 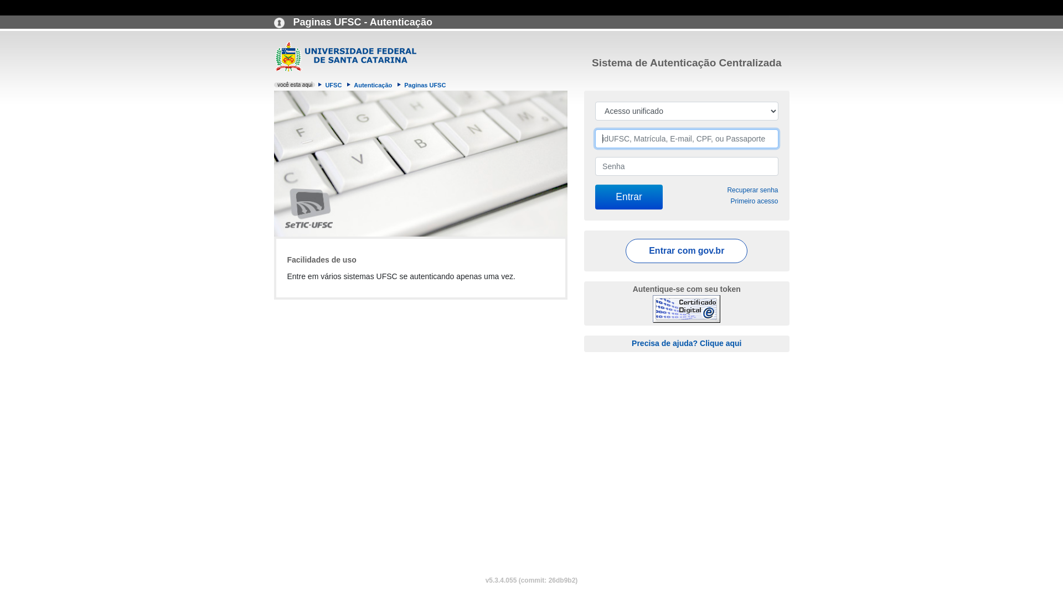 I want to click on 'UFSC', so click(x=323, y=85).